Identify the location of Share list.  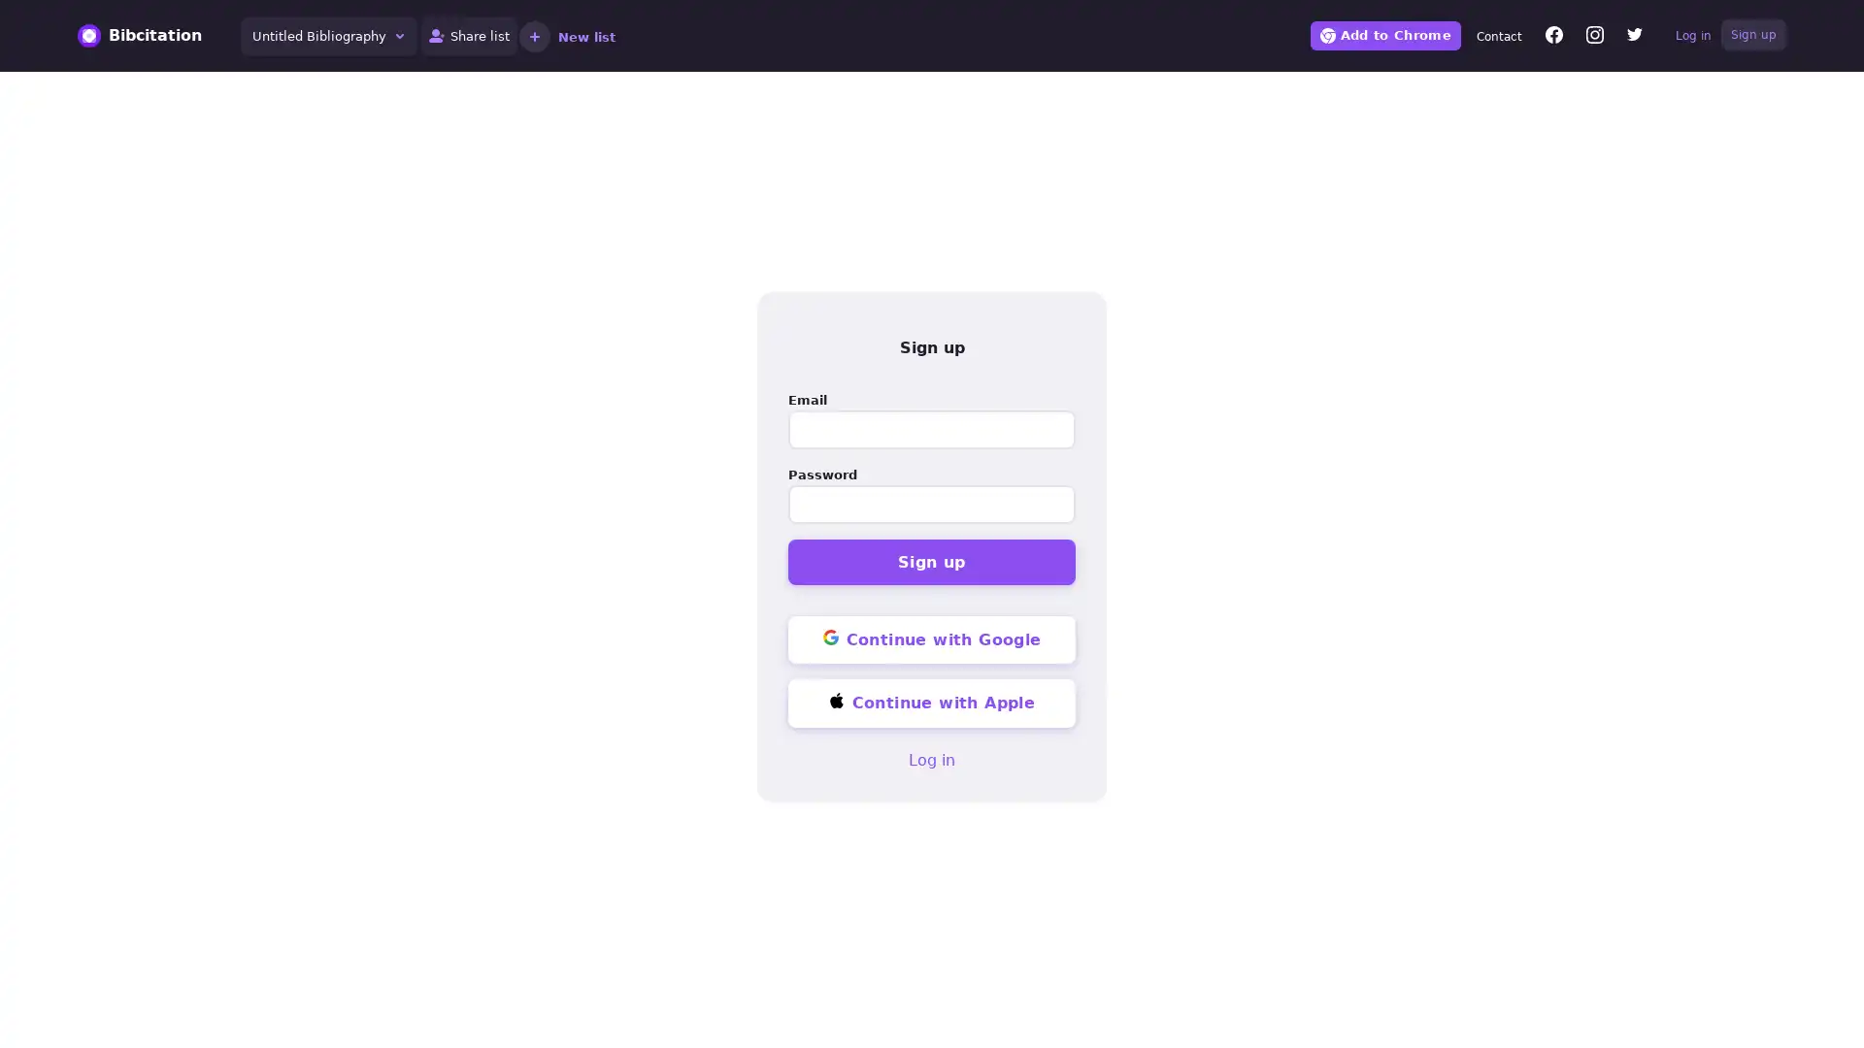
(469, 36).